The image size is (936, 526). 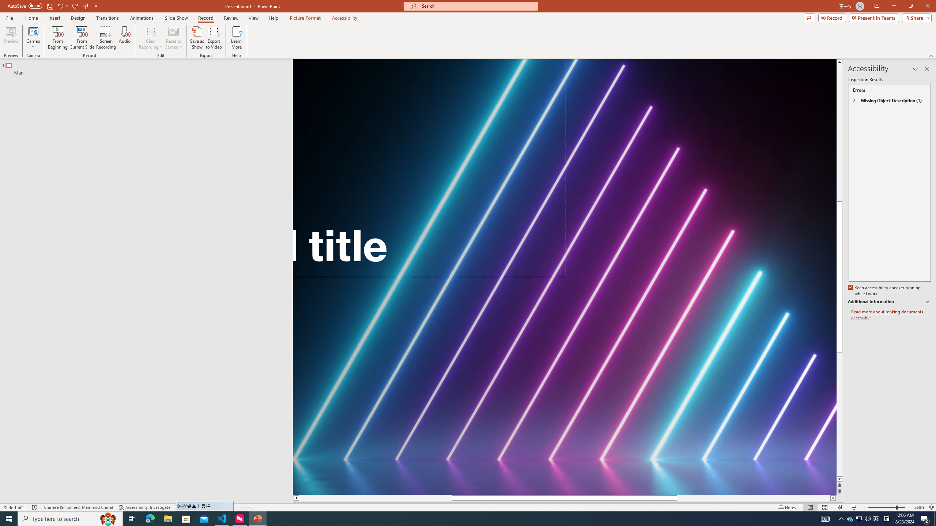 I want to click on 'Redo', so click(x=75, y=5).